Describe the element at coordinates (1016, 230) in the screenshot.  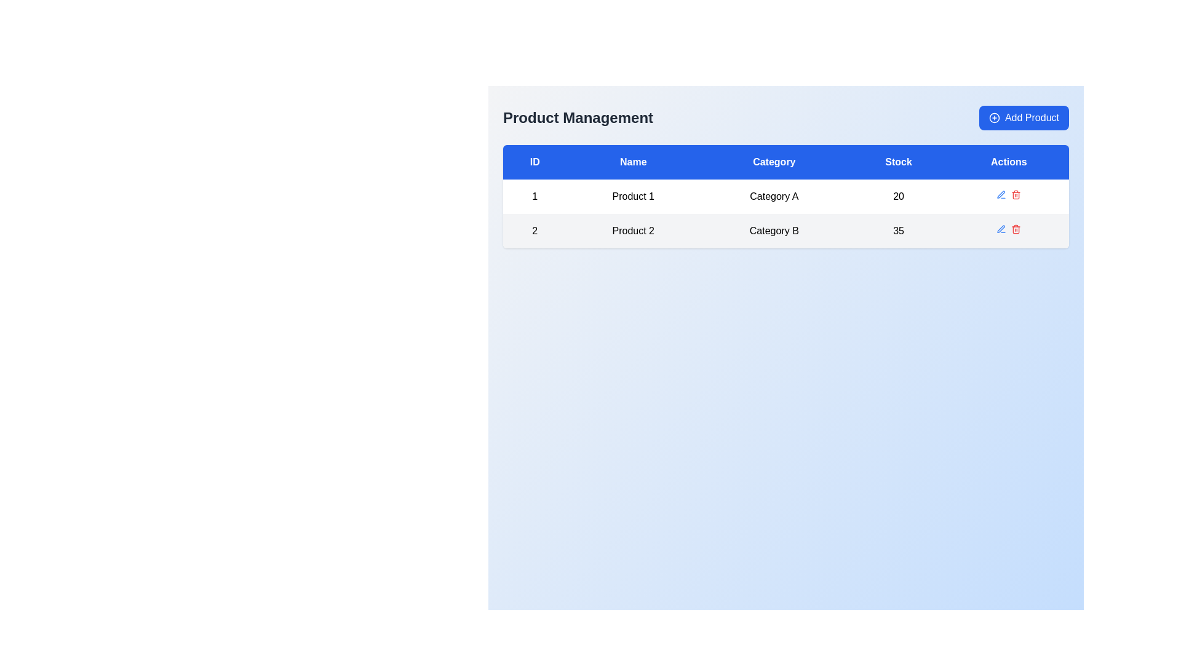
I see `the trash bin icon located in the 'Actions' column of the second row in the data table` at that location.